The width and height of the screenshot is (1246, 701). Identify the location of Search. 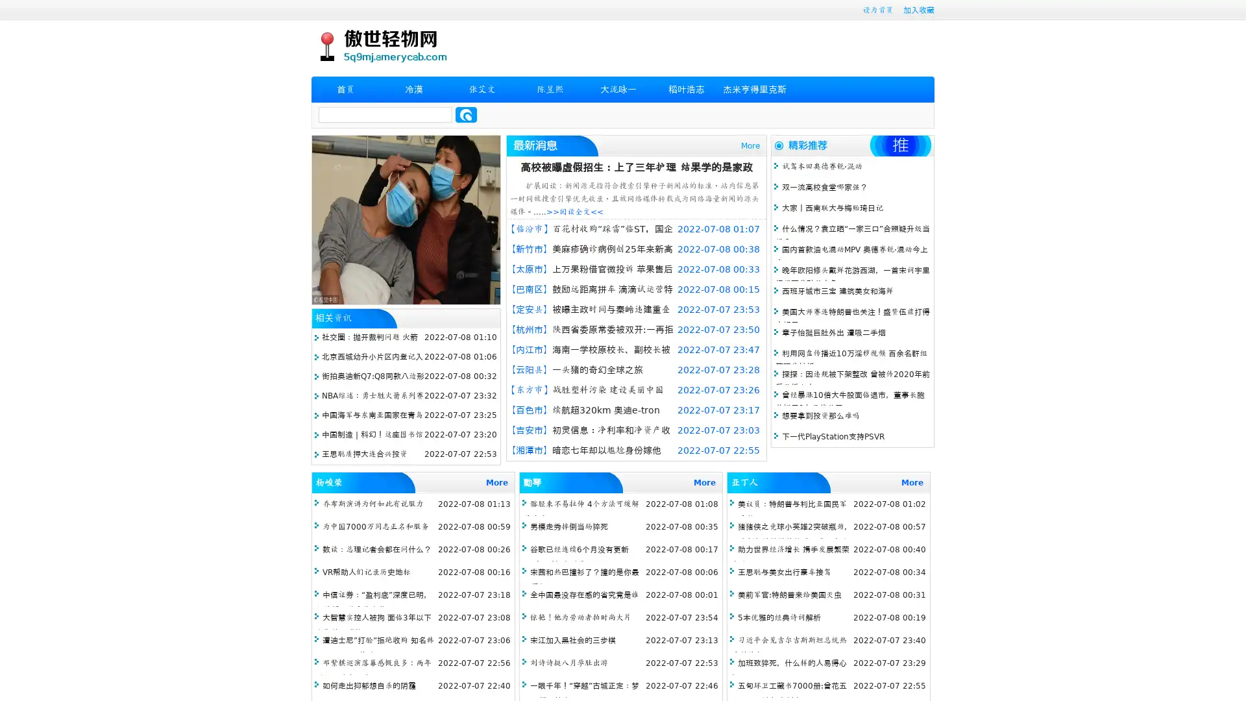
(466, 114).